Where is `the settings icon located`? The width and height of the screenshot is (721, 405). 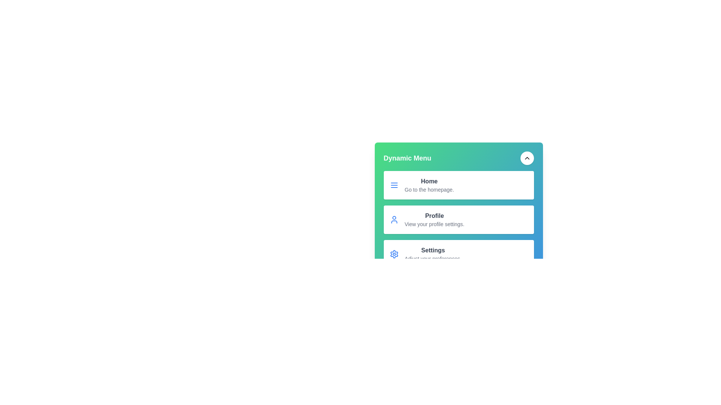 the settings icon located is located at coordinates (394, 254).